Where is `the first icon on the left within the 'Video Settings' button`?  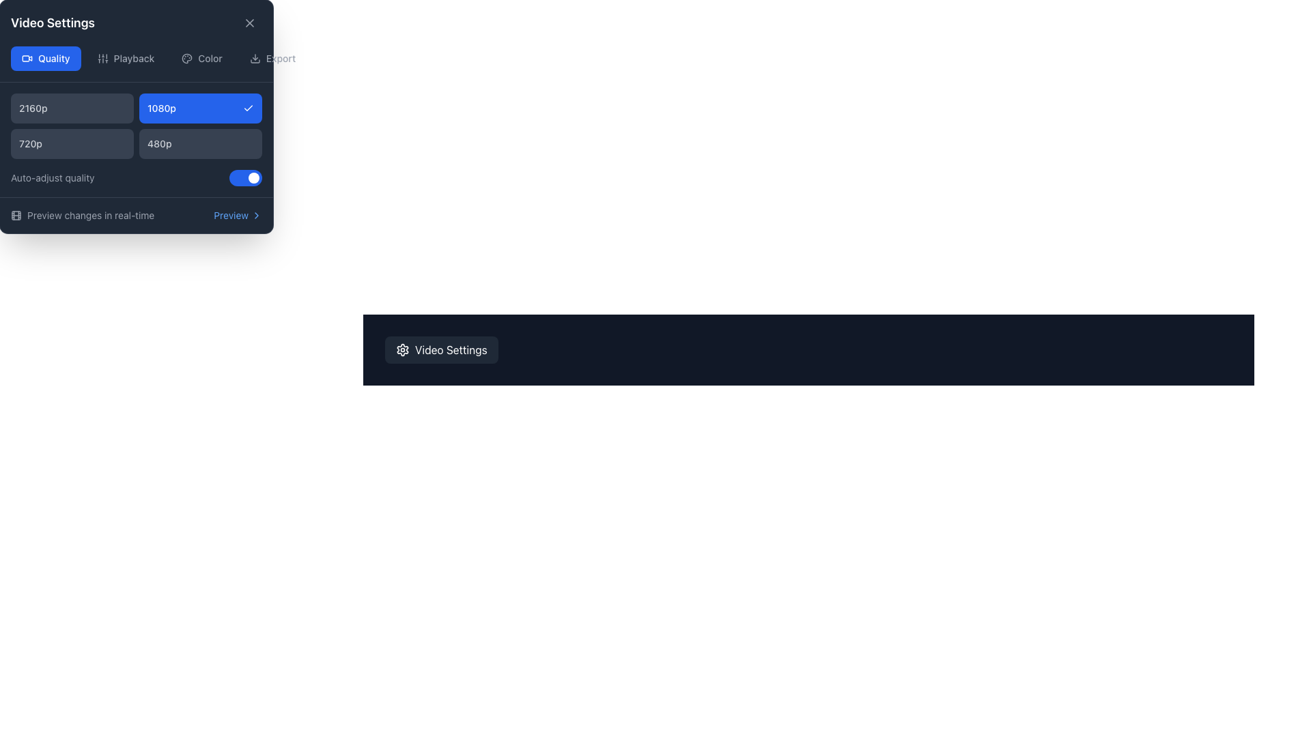
the first icon on the left within the 'Video Settings' button is located at coordinates (402, 349).